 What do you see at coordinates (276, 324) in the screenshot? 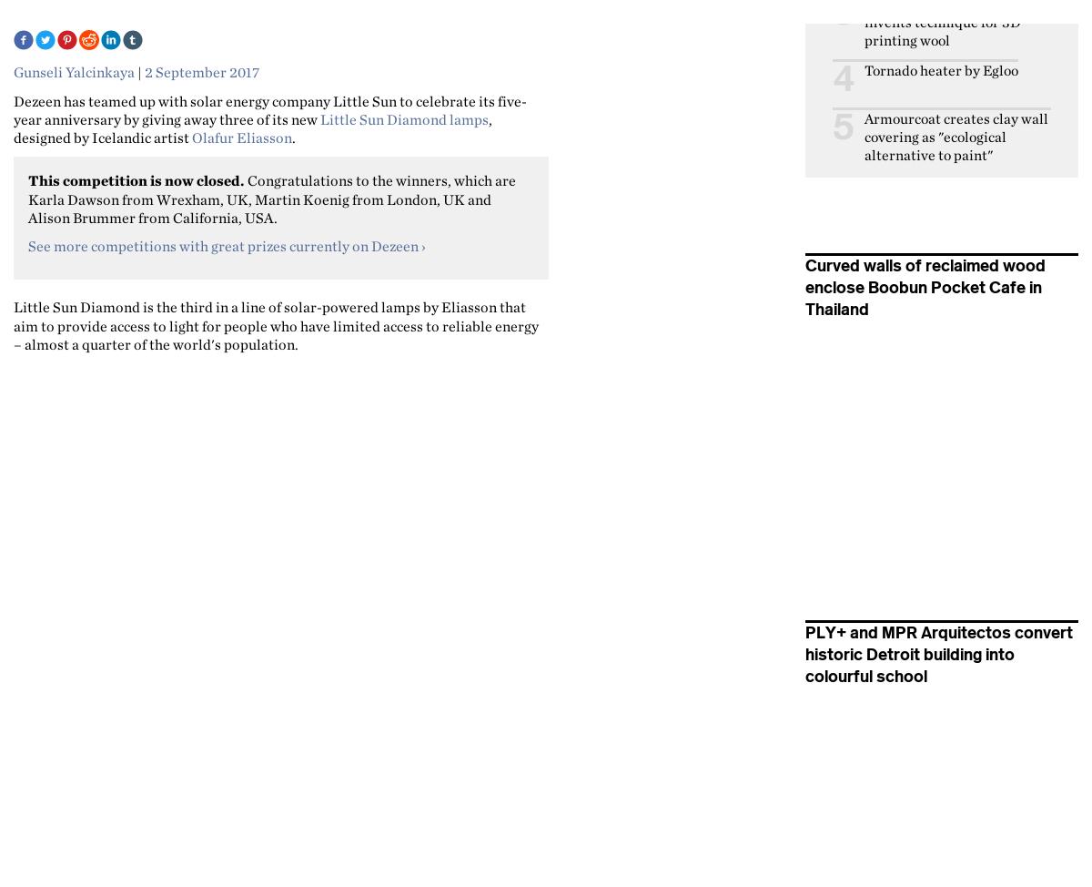
I see `'Little Sun Diamond is the third in a line of solar-powered lamps by Eliasson that aim to provide access to light for people who have limited access to reliable energy – almost a quarter of the world's population.'` at bounding box center [276, 324].